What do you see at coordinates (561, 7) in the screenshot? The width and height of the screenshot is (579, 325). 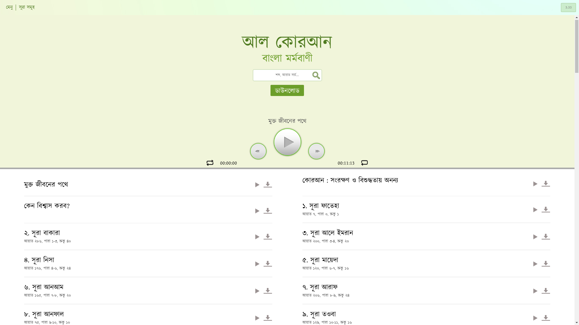 I see `'Go Shortcut to surah ayat'` at bounding box center [561, 7].